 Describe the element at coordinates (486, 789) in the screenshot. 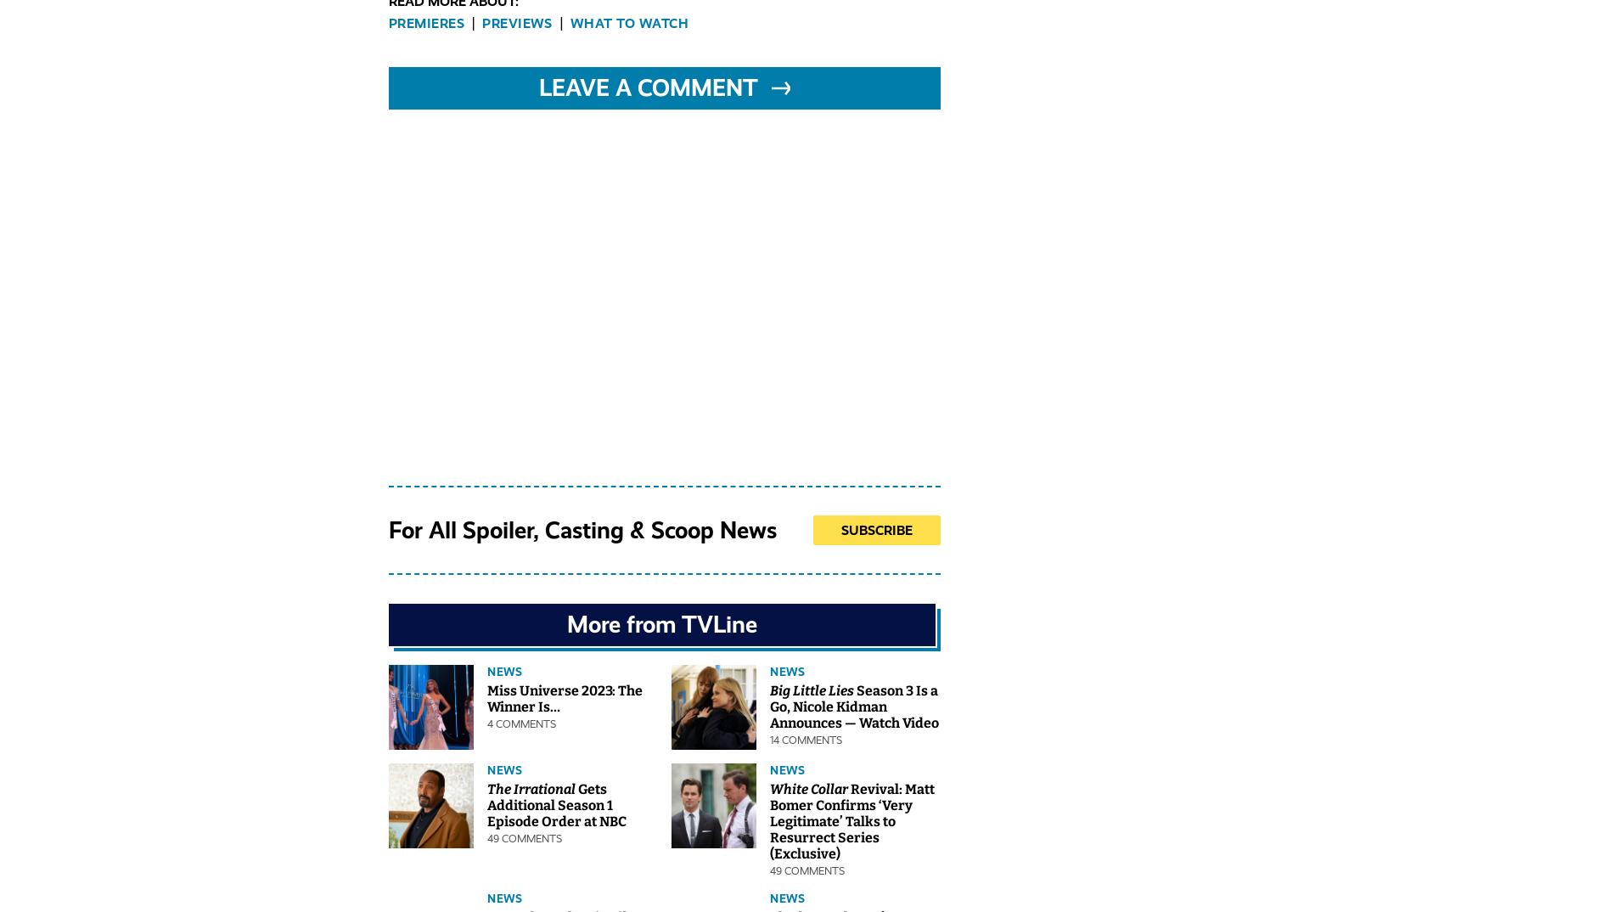

I see `'The Irrational'` at that location.